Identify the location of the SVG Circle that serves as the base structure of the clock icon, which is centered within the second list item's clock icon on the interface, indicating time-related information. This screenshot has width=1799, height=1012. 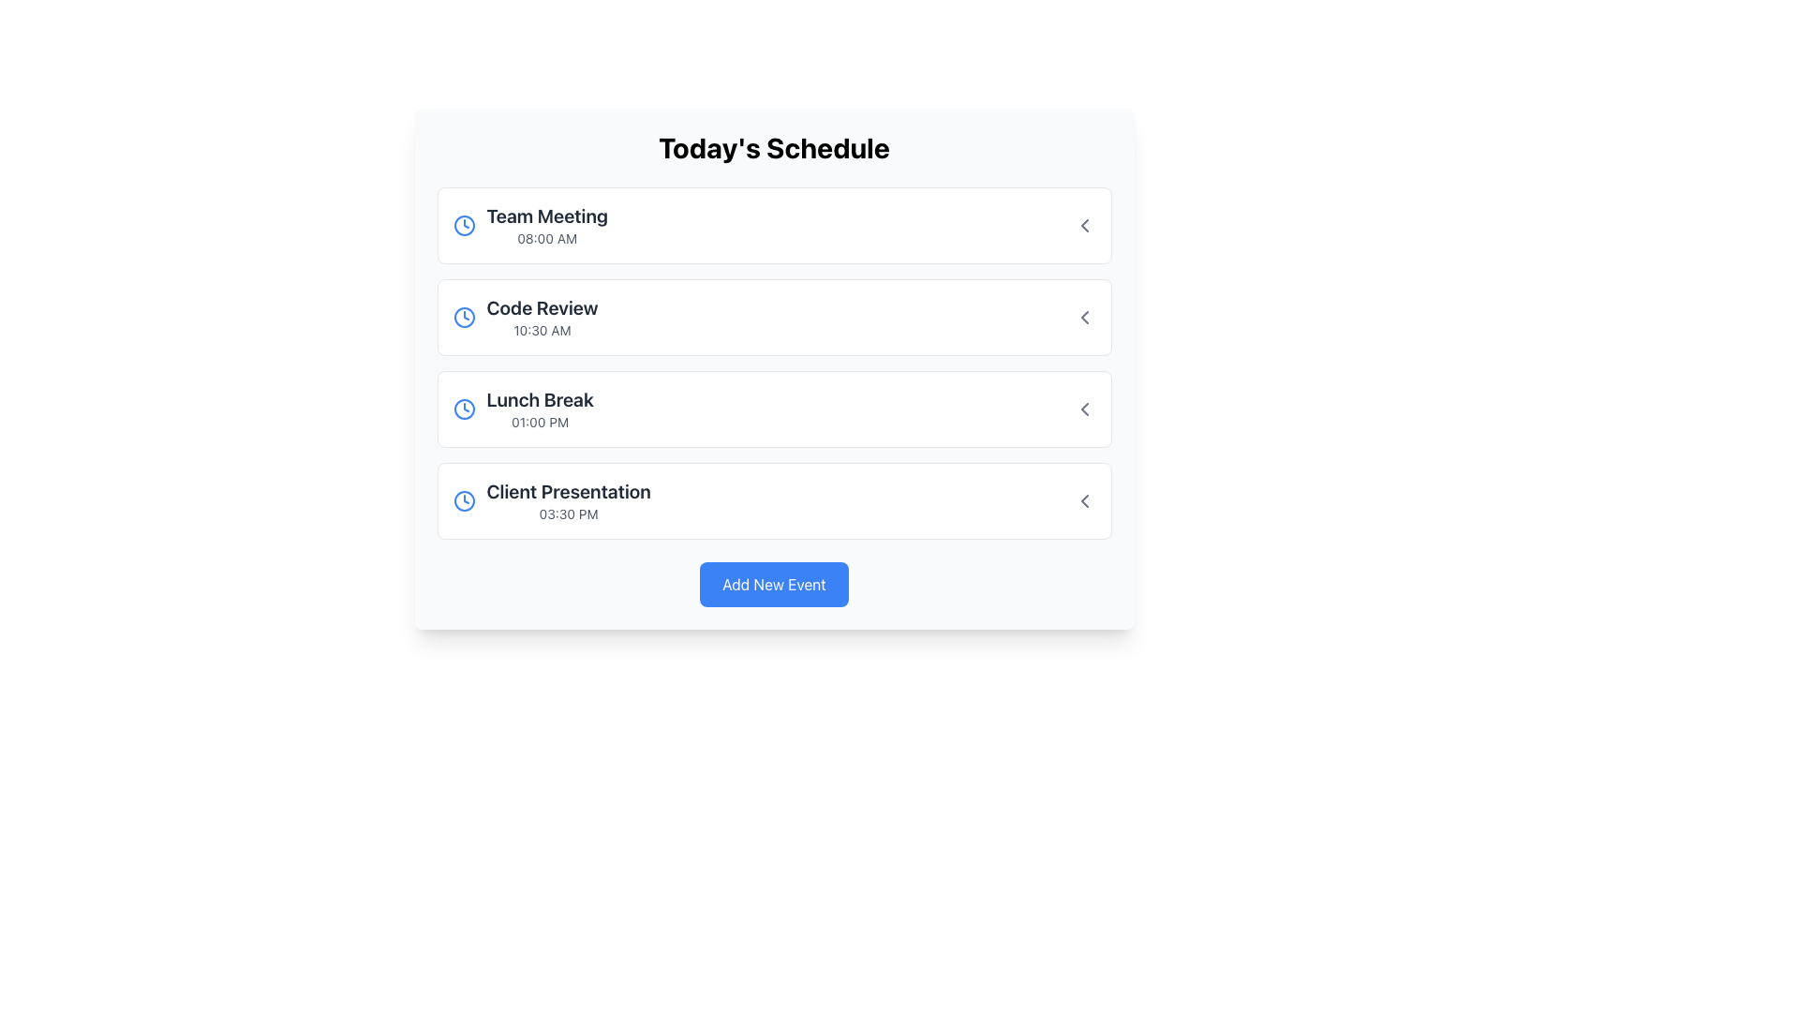
(464, 317).